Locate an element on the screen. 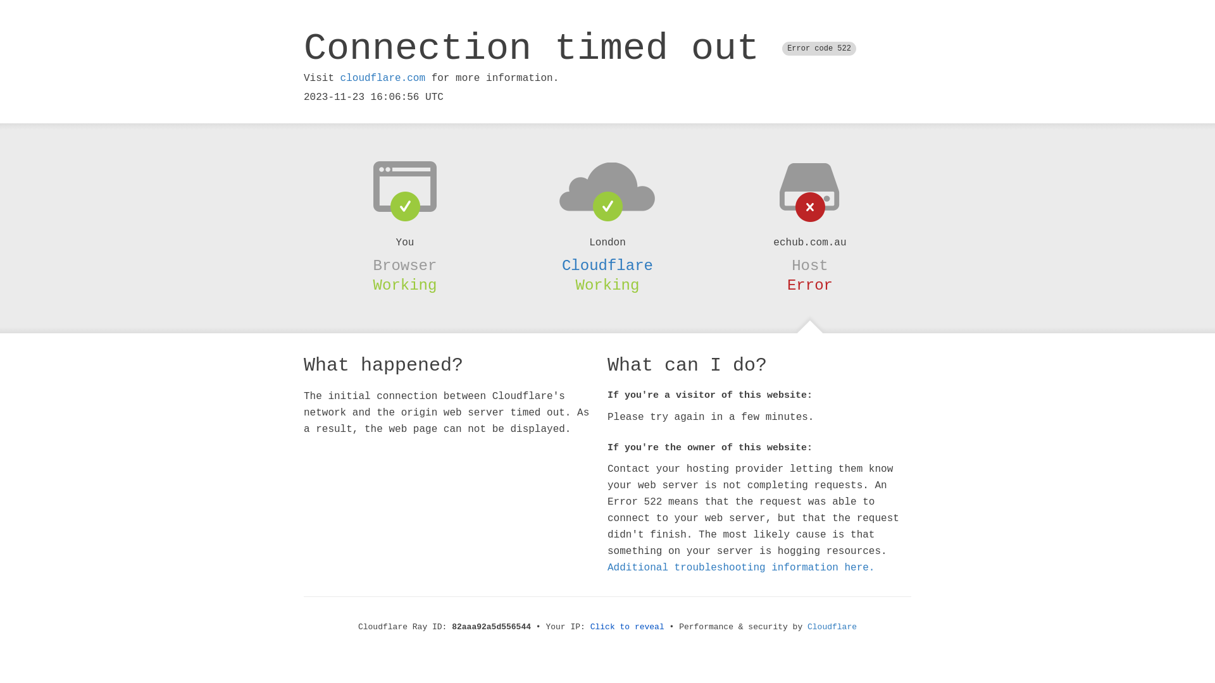 Image resolution: width=1215 pixels, height=683 pixels. 'Additional troubleshooting information here.' is located at coordinates (741, 567).